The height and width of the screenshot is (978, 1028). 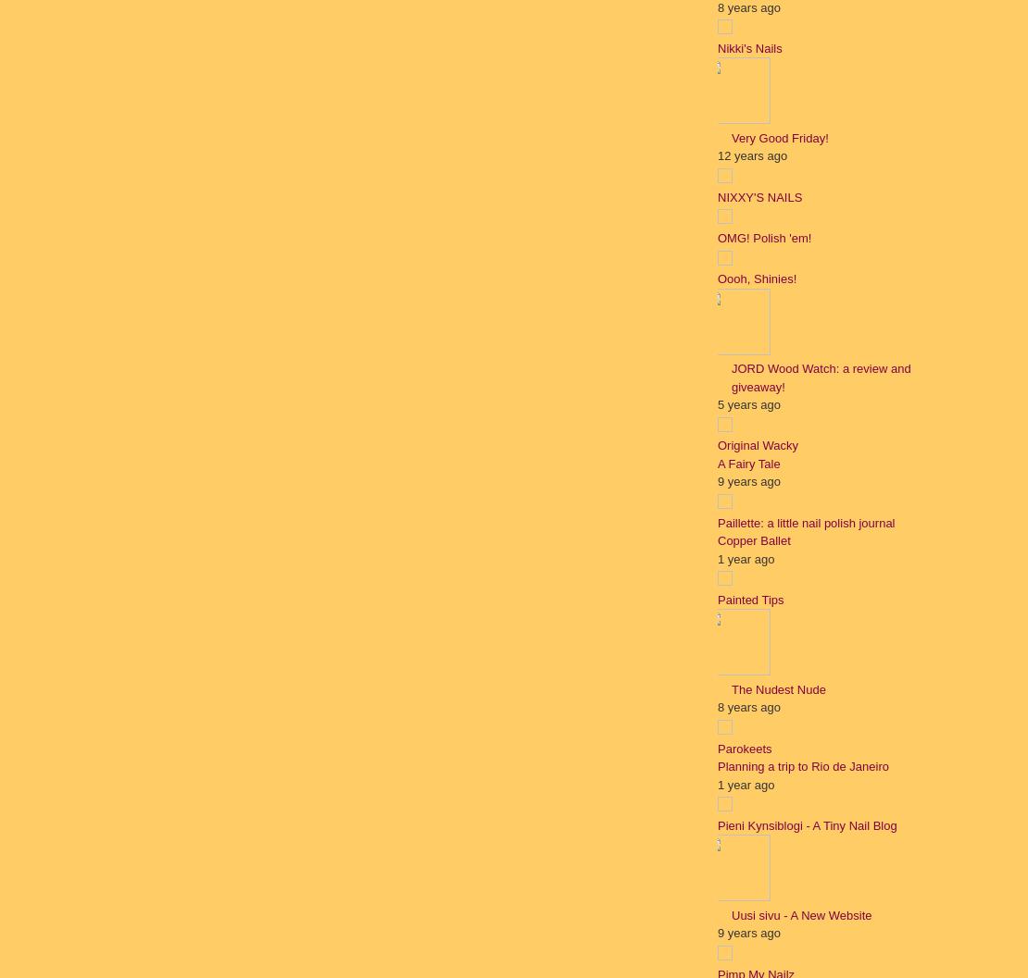 I want to click on 'Paillette: a little nail polish journal', so click(x=805, y=521).